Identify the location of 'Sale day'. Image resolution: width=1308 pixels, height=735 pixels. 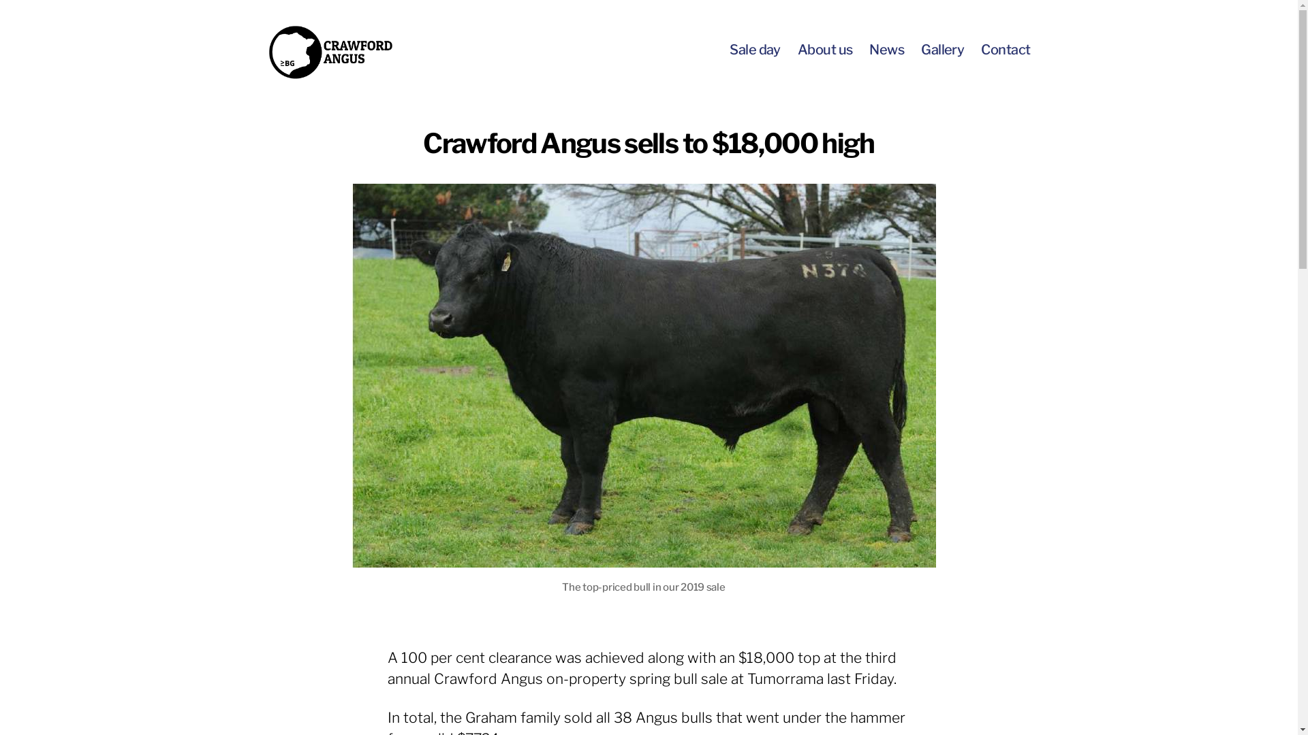
(754, 49).